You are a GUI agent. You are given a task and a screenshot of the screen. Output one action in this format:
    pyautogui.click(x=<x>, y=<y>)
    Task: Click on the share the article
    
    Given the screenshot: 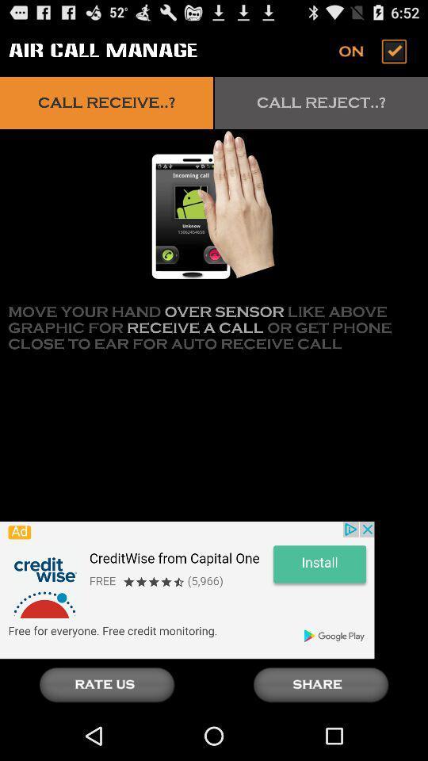 What is the action you would take?
    pyautogui.click(x=321, y=684)
    